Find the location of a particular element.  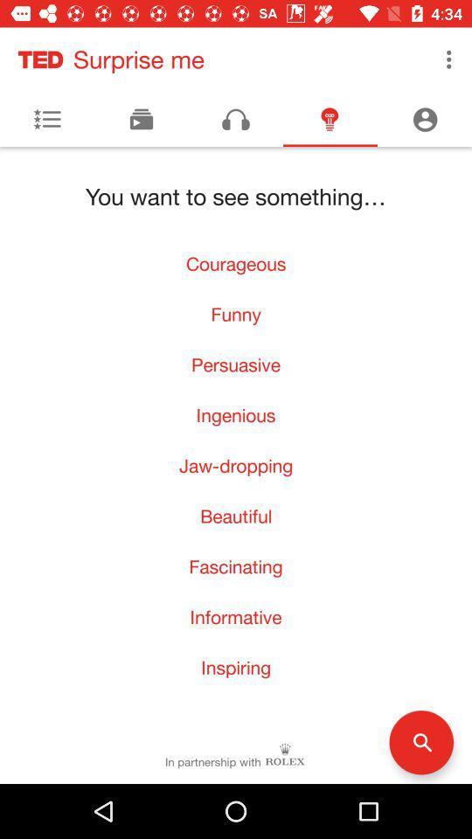

item below funny is located at coordinates (236, 364).